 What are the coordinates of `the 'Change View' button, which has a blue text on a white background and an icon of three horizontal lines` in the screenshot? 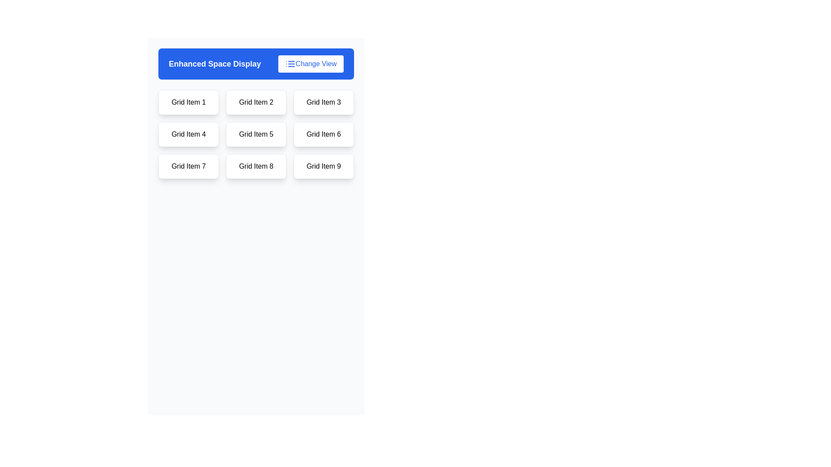 It's located at (311, 63).